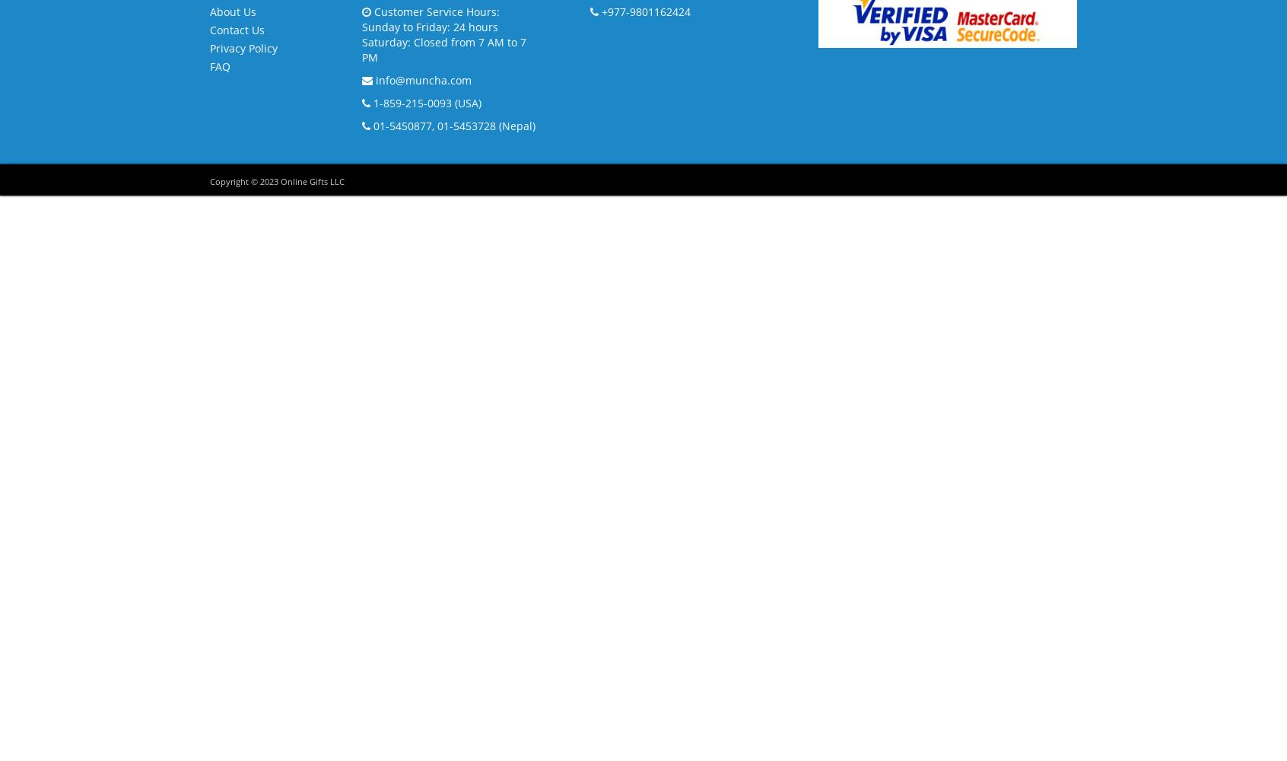  I want to click on '01-5450877, 01-5453728 (Nepal)', so click(452, 125).